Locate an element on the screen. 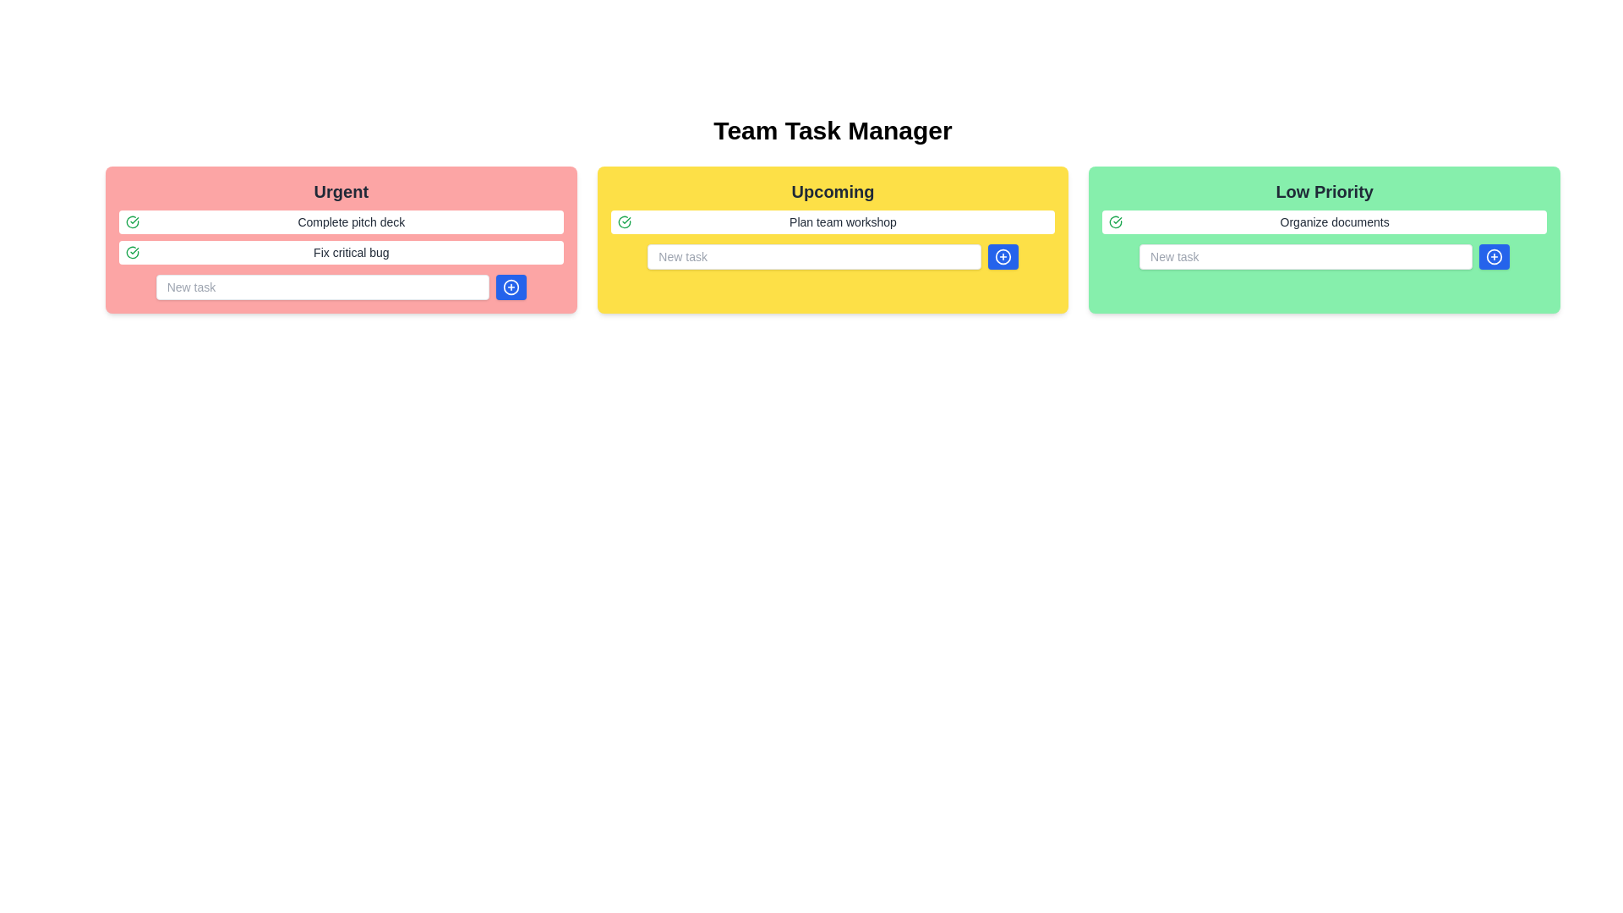  the green checkmark icon in the top-left corner of the 'Urgent' task card is located at coordinates (132, 253).